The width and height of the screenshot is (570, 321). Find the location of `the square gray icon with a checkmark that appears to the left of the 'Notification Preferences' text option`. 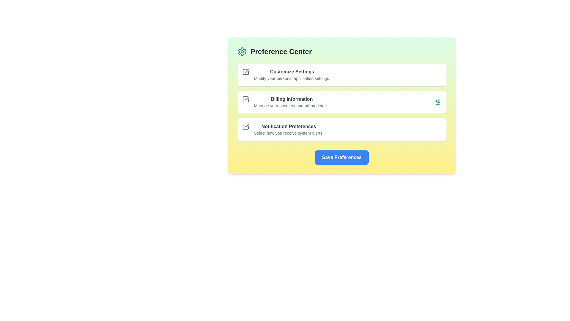

the square gray icon with a checkmark that appears to the left of the 'Notification Preferences' text option is located at coordinates (246, 126).